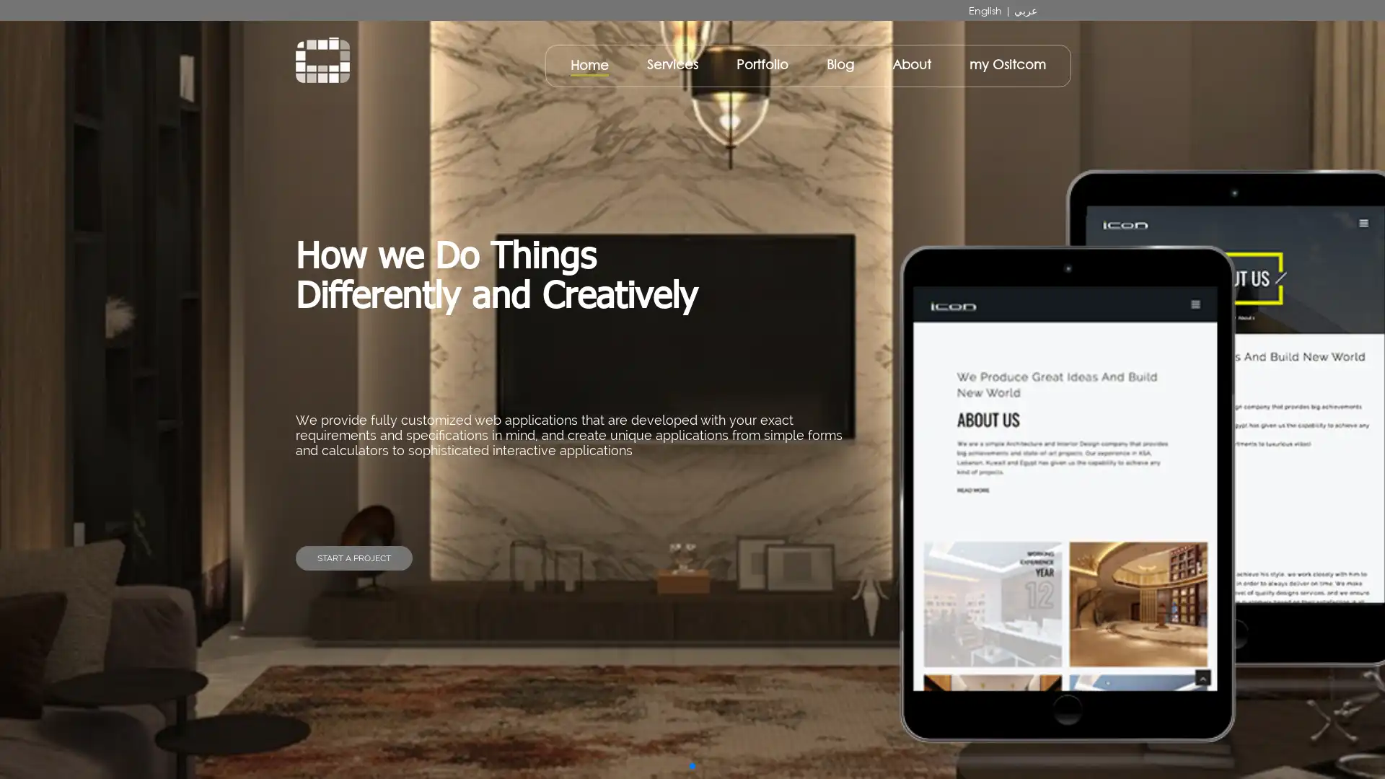  What do you see at coordinates (692, 765) in the screenshot?
I see `Go to slide 1` at bounding box center [692, 765].